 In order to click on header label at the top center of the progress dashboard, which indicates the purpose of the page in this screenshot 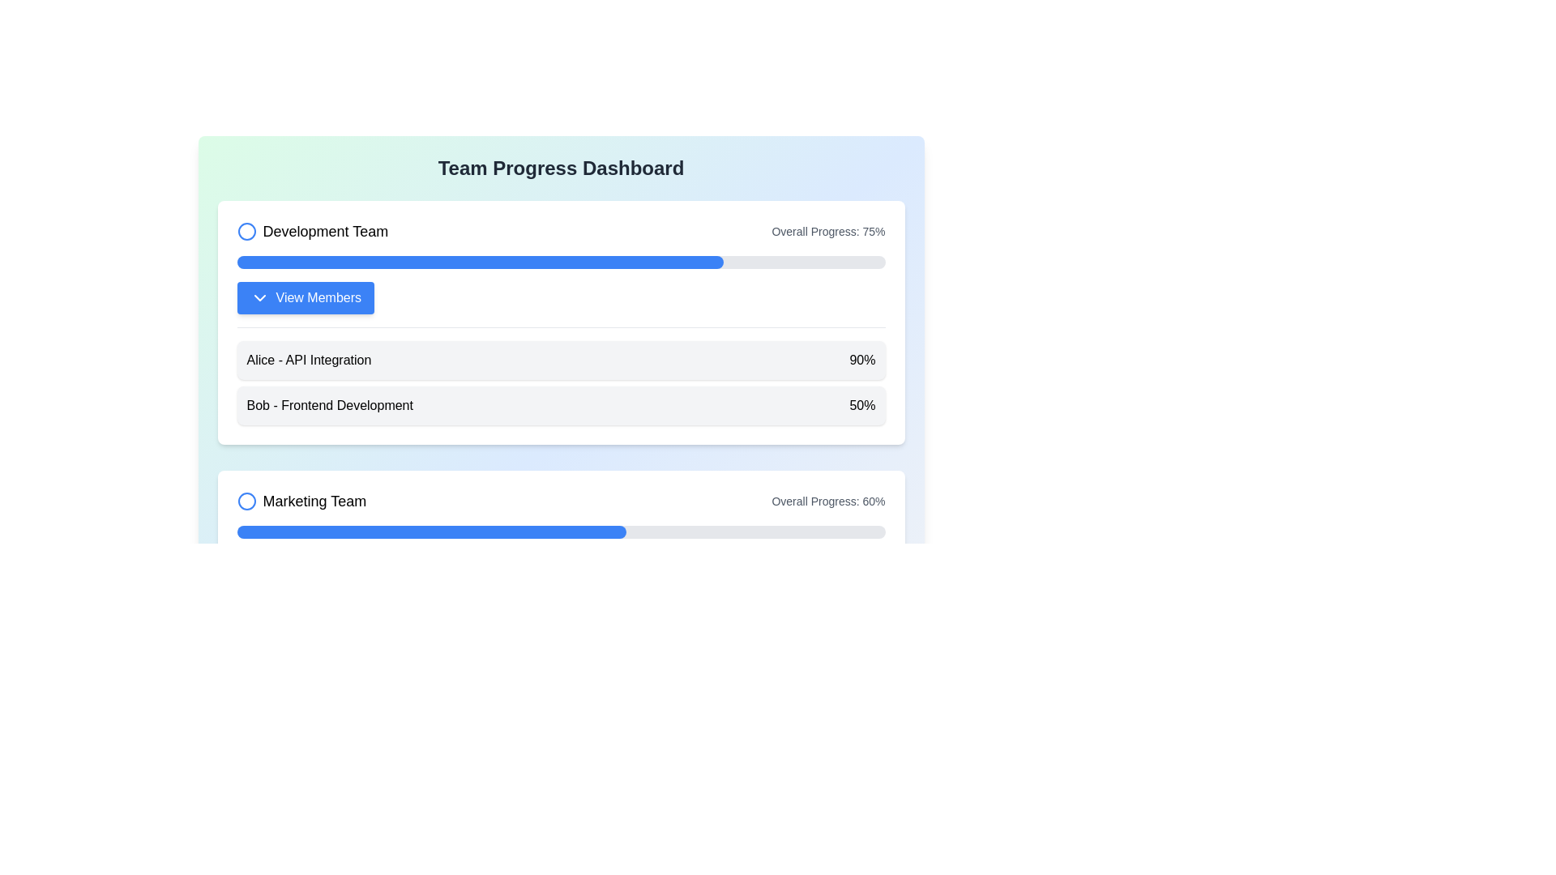, I will do `click(561, 169)`.